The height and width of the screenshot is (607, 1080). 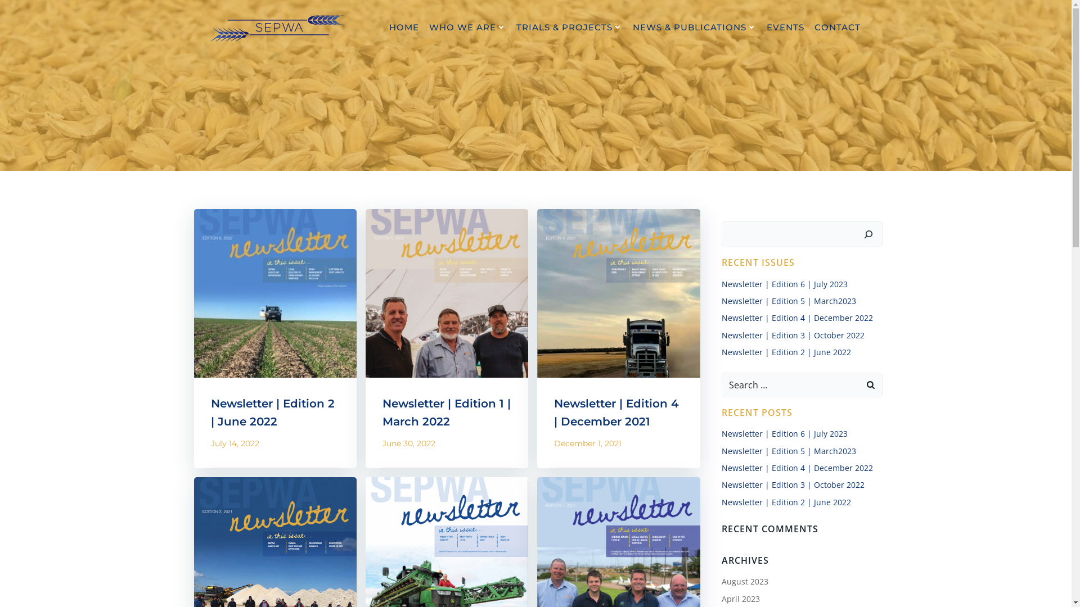 What do you see at coordinates (408, 443) in the screenshot?
I see `'June 30, 2022'` at bounding box center [408, 443].